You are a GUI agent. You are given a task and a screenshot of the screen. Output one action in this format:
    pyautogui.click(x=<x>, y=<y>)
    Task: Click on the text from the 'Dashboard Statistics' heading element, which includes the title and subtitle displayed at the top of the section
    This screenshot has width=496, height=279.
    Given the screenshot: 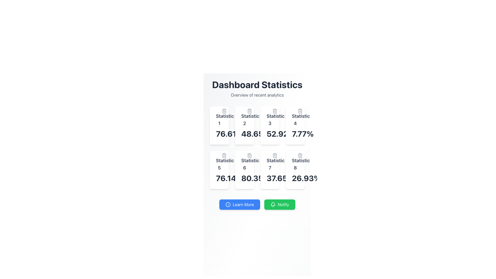 What is the action you would take?
    pyautogui.click(x=257, y=88)
    